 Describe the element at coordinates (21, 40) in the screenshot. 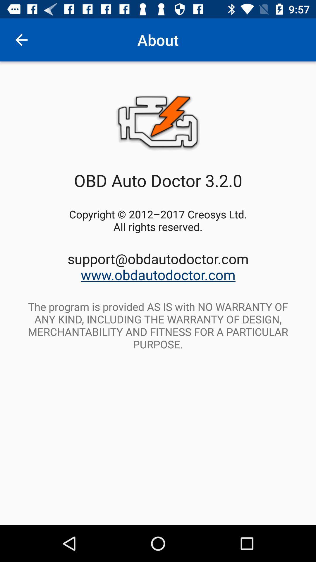

I see `the icon next to the about icon` at that location.